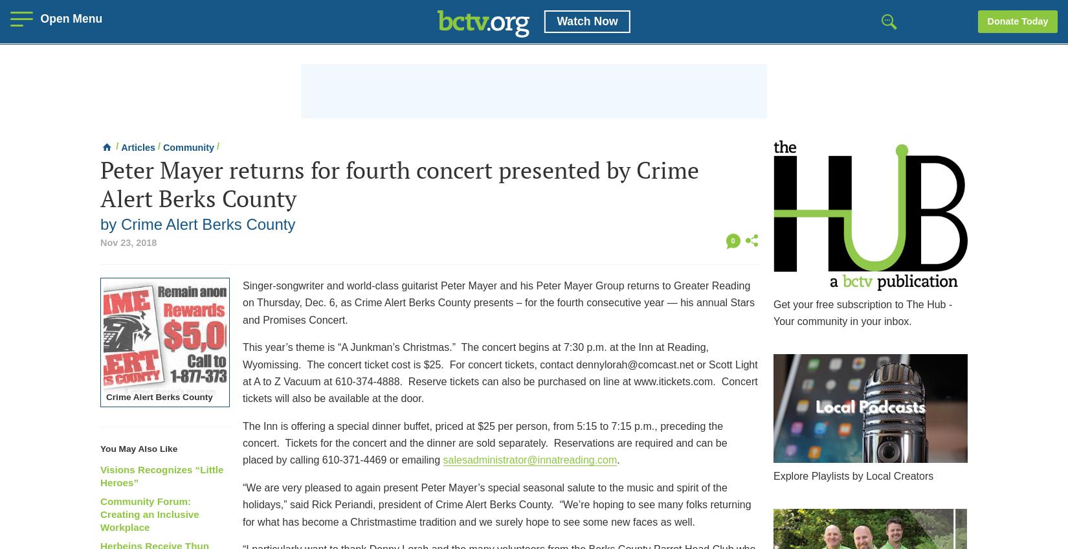 The height and width of the screenshot is (549, 1068). I want to click on 'Pinterest', so click(769, 302).